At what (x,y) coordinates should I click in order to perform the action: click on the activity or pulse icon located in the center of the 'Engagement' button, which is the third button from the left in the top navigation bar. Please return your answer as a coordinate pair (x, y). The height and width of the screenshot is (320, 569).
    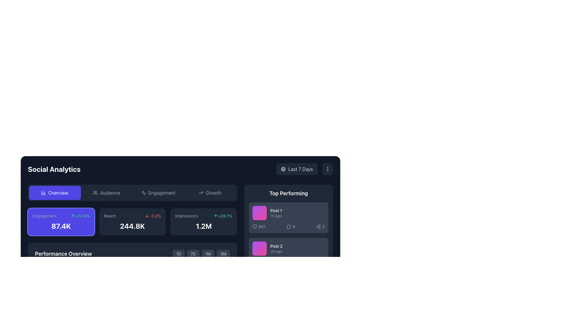
    Looking at the image, I should click on (143, 193).